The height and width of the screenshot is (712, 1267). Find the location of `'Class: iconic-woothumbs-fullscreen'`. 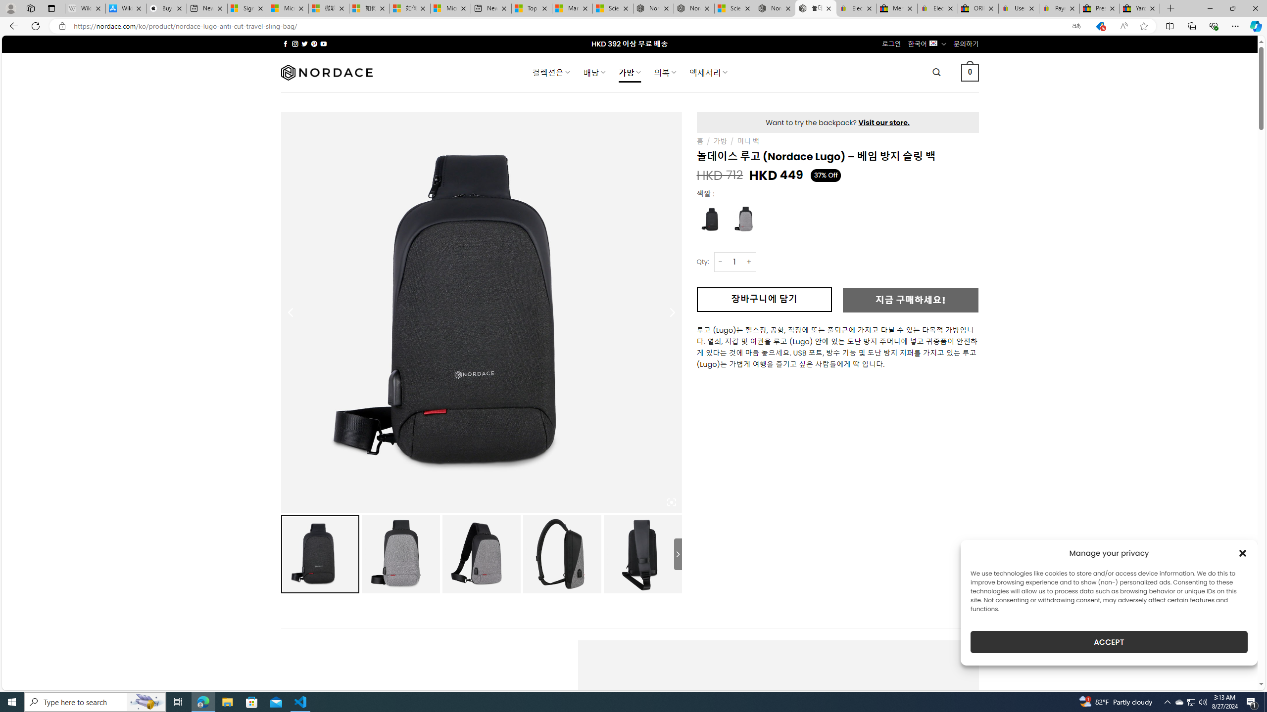

'Class: iconic-woothumbs-fullscreen' is located at coordinates (671, 501).